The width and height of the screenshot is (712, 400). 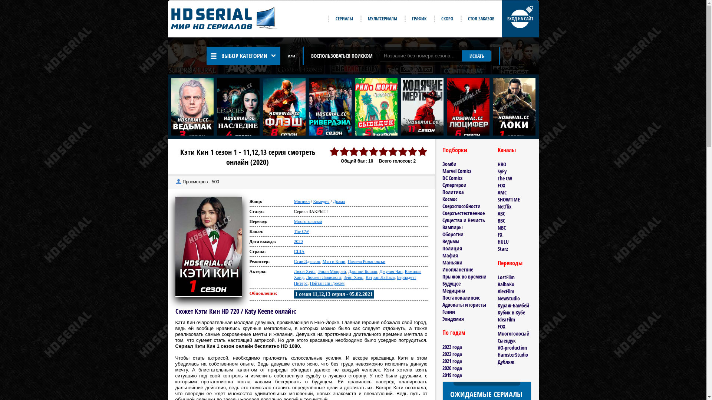 I want to click on '9', so click(x=412, y=151).